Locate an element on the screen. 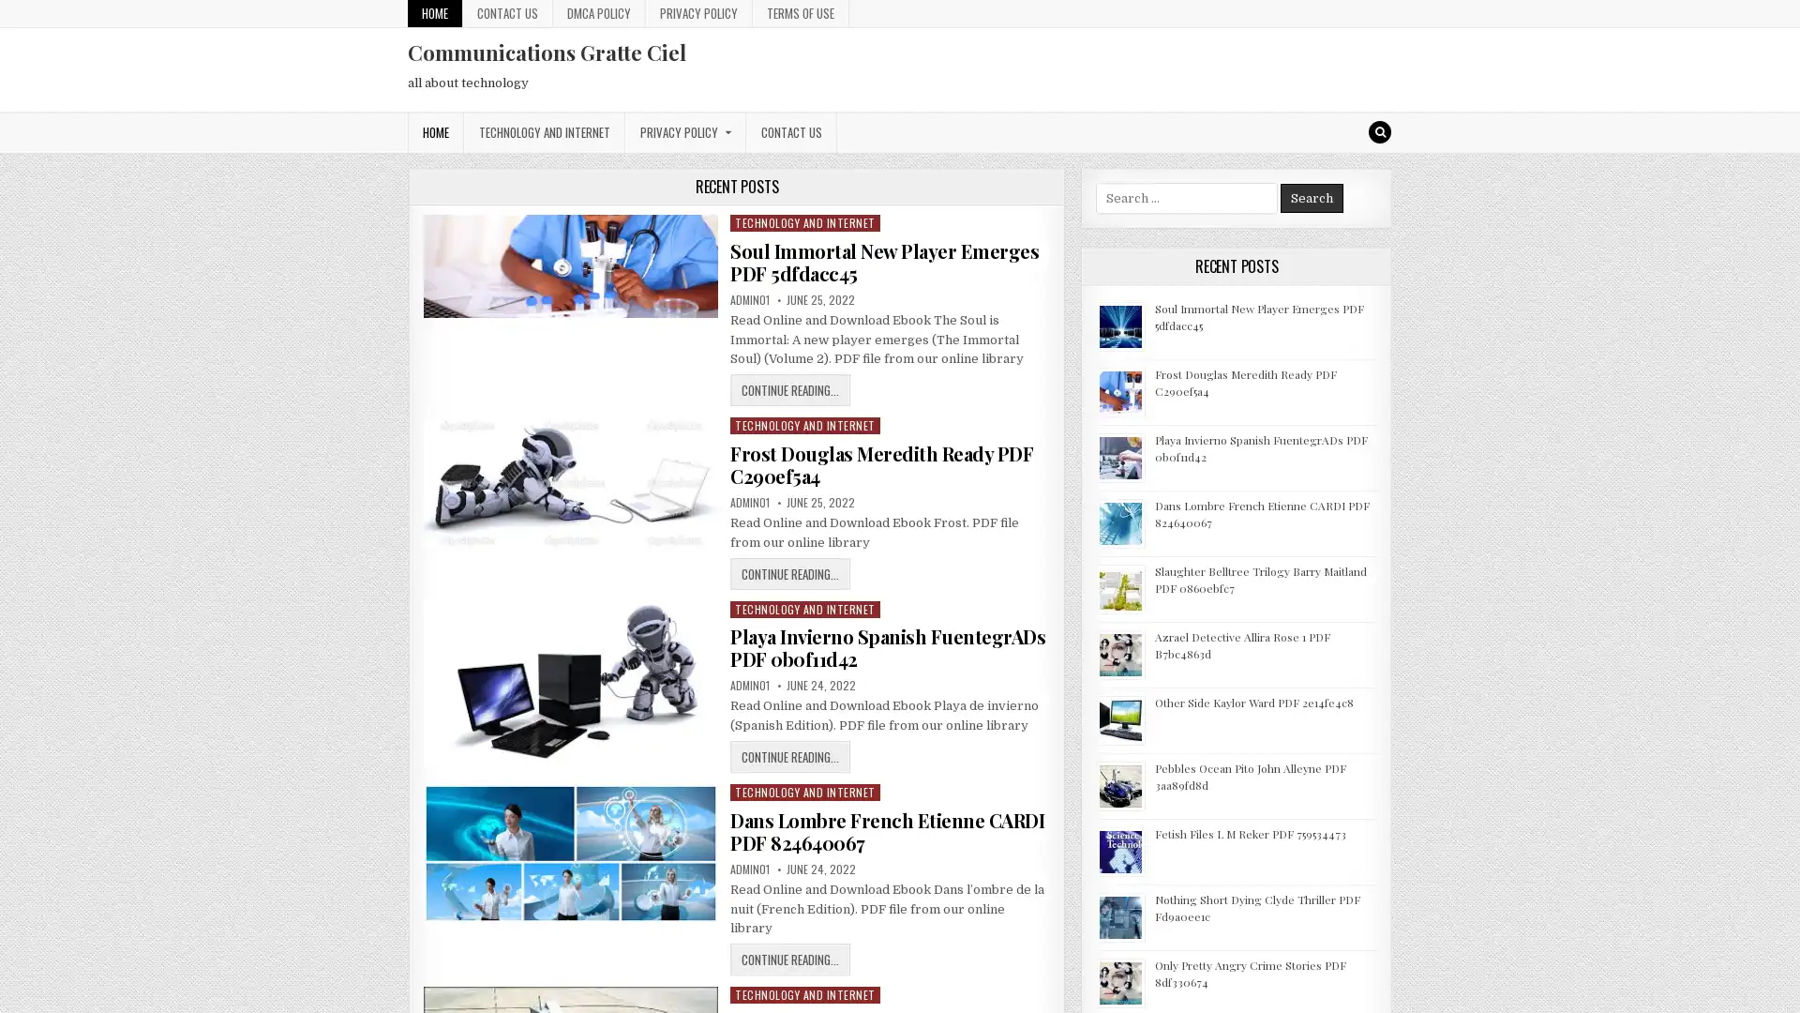 Image resolution: width=1800 pixels, height=1013 pixels. Search is located at coordinates (1311, 198).